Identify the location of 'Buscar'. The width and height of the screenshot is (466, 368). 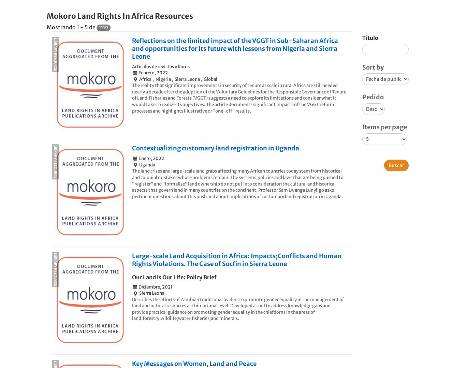
(396, 165).